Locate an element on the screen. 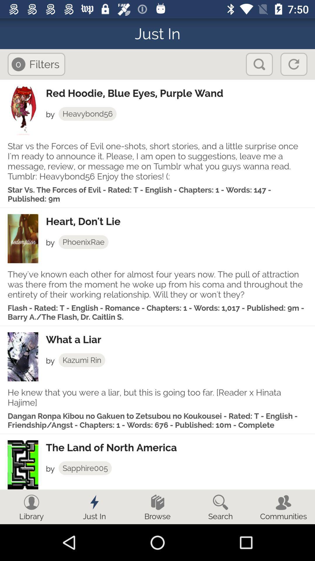  the icon next to by is located at coordinates (83, 242).